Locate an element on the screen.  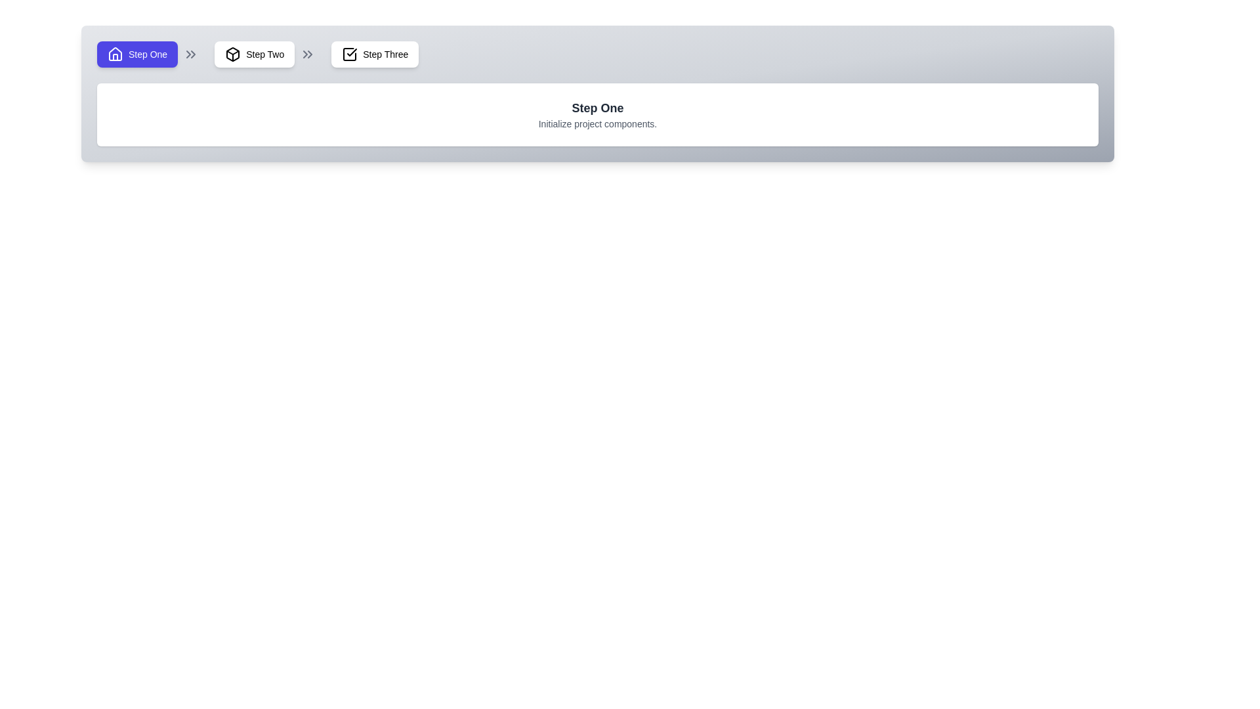
the active 'Step Three' button in the navigation bar, which indicates the current step in the process is located at coordinates (374, 54).